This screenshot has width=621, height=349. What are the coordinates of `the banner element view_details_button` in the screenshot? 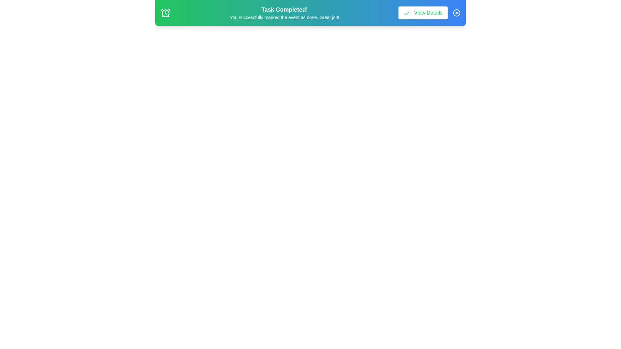 It's located at (423, 13).